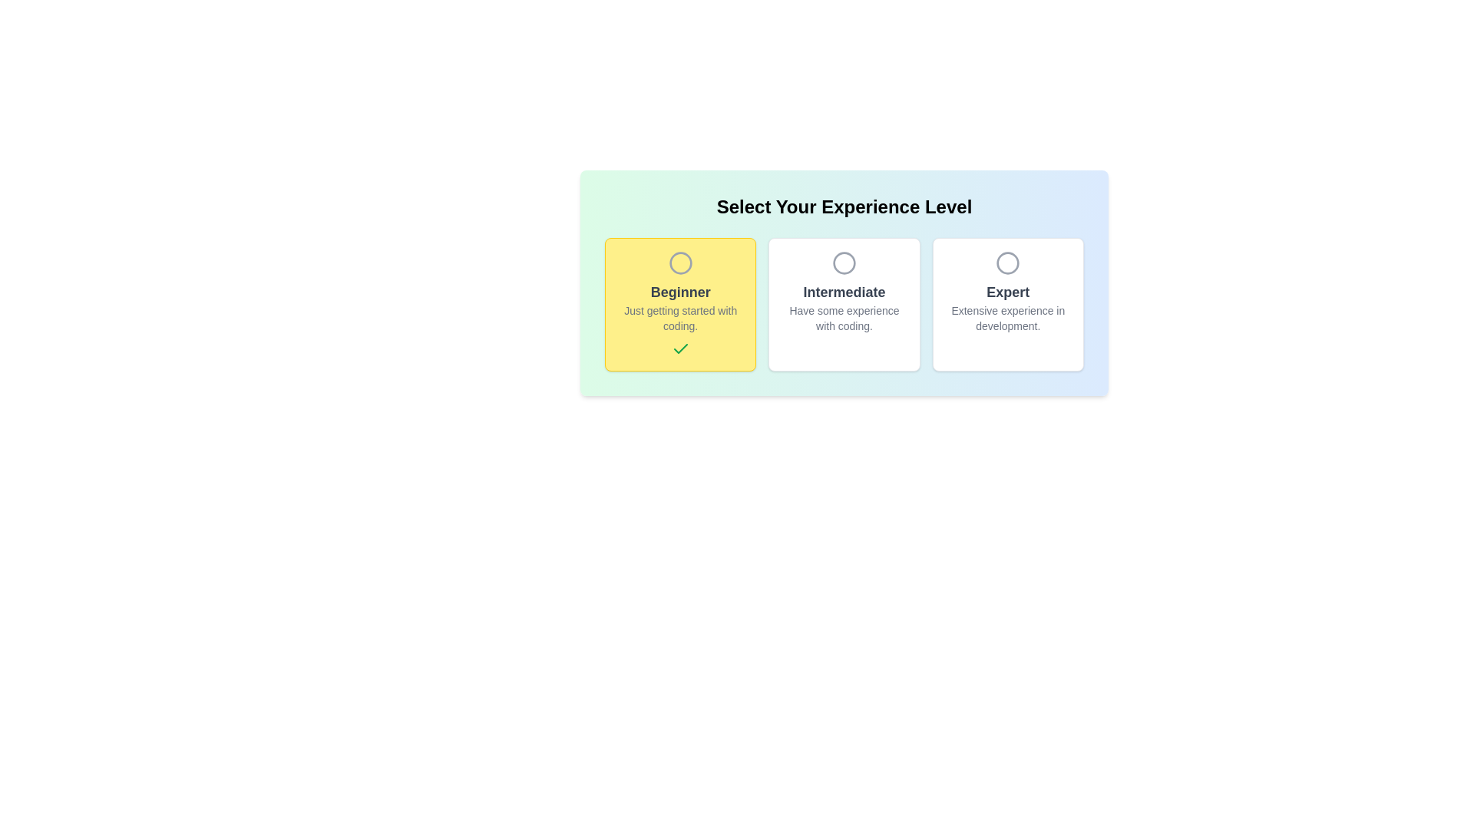 This screenshot has height=829, width=1474. Describe the element at coordinates (843, 263) in the screenshot. I see `the circular hollow light gray icon located at the top-center of the 'Intermediate' card` at that location.